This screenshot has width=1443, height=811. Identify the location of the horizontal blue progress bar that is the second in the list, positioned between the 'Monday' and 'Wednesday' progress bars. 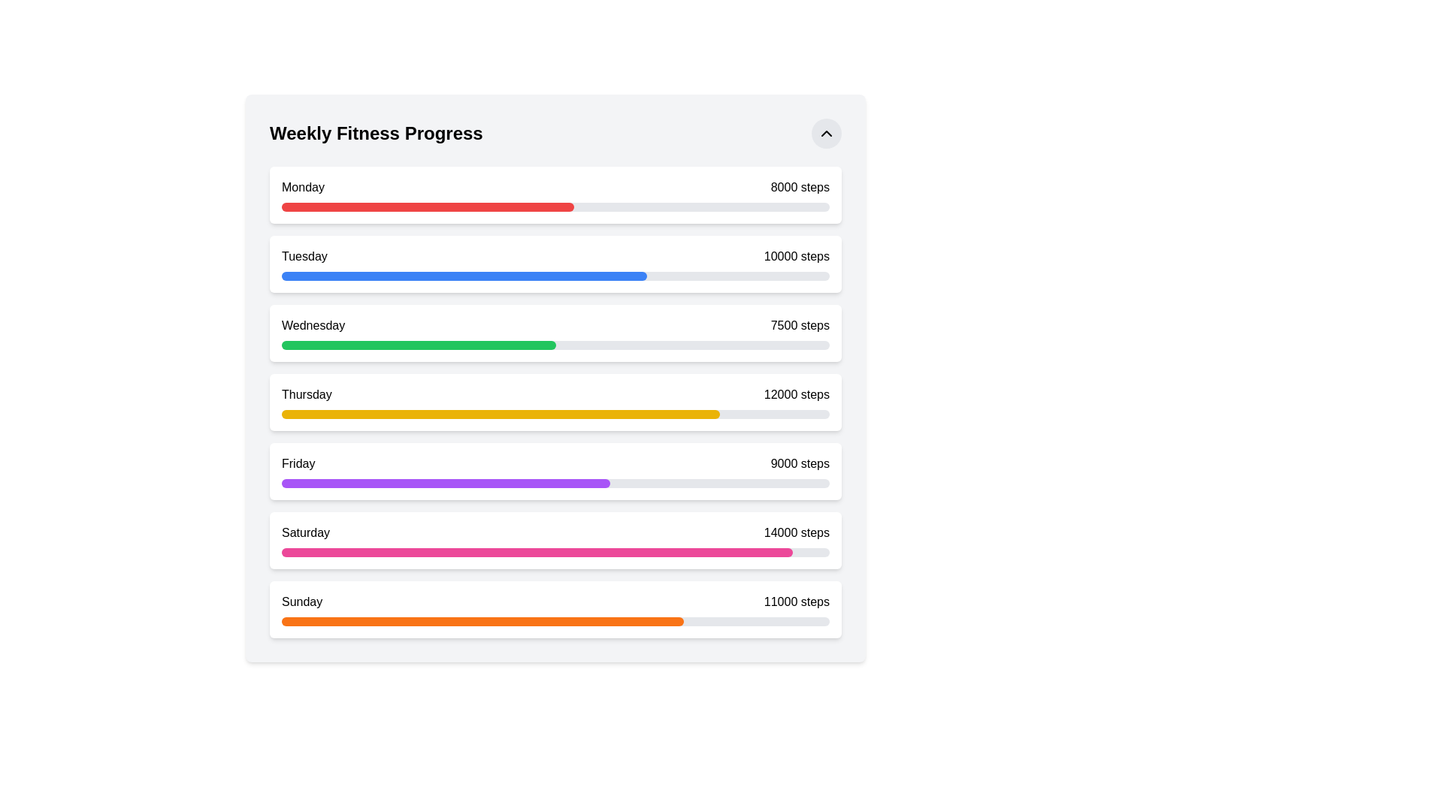
(464, 276).